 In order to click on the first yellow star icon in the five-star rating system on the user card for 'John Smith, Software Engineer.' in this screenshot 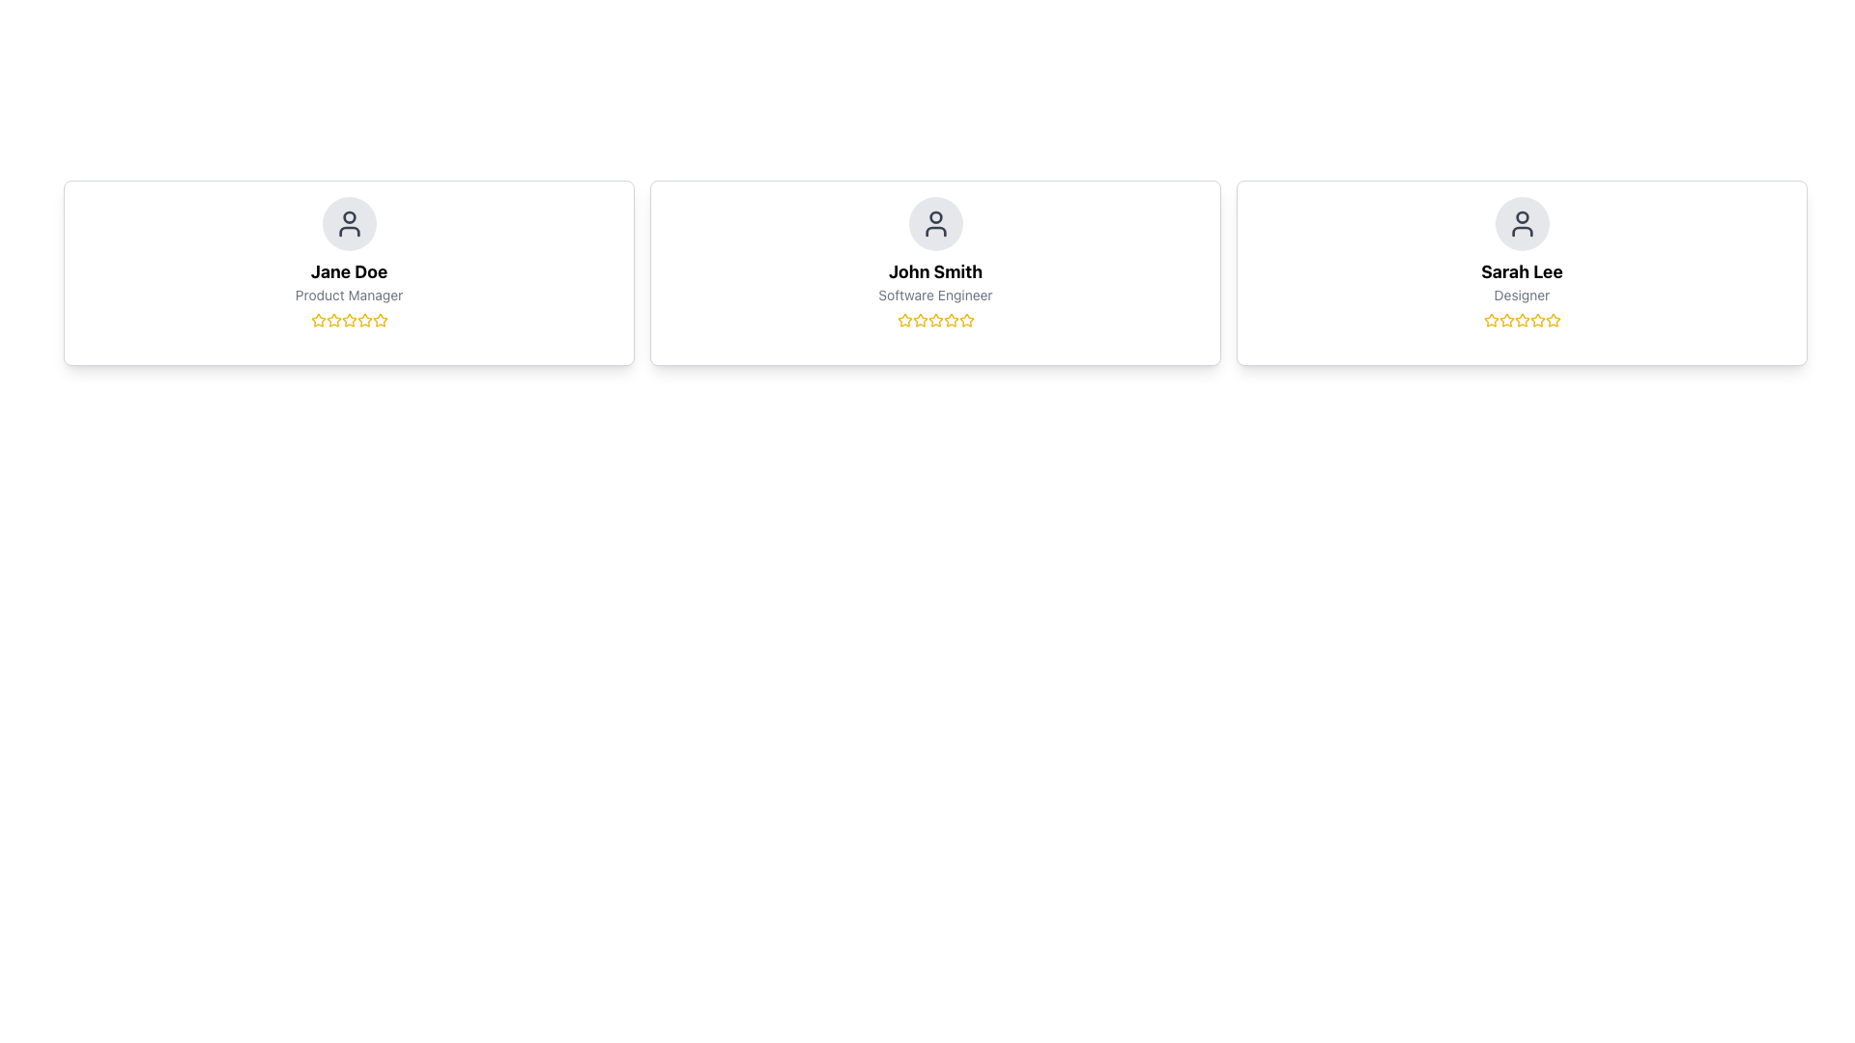, I will do `click(903, 319)`.